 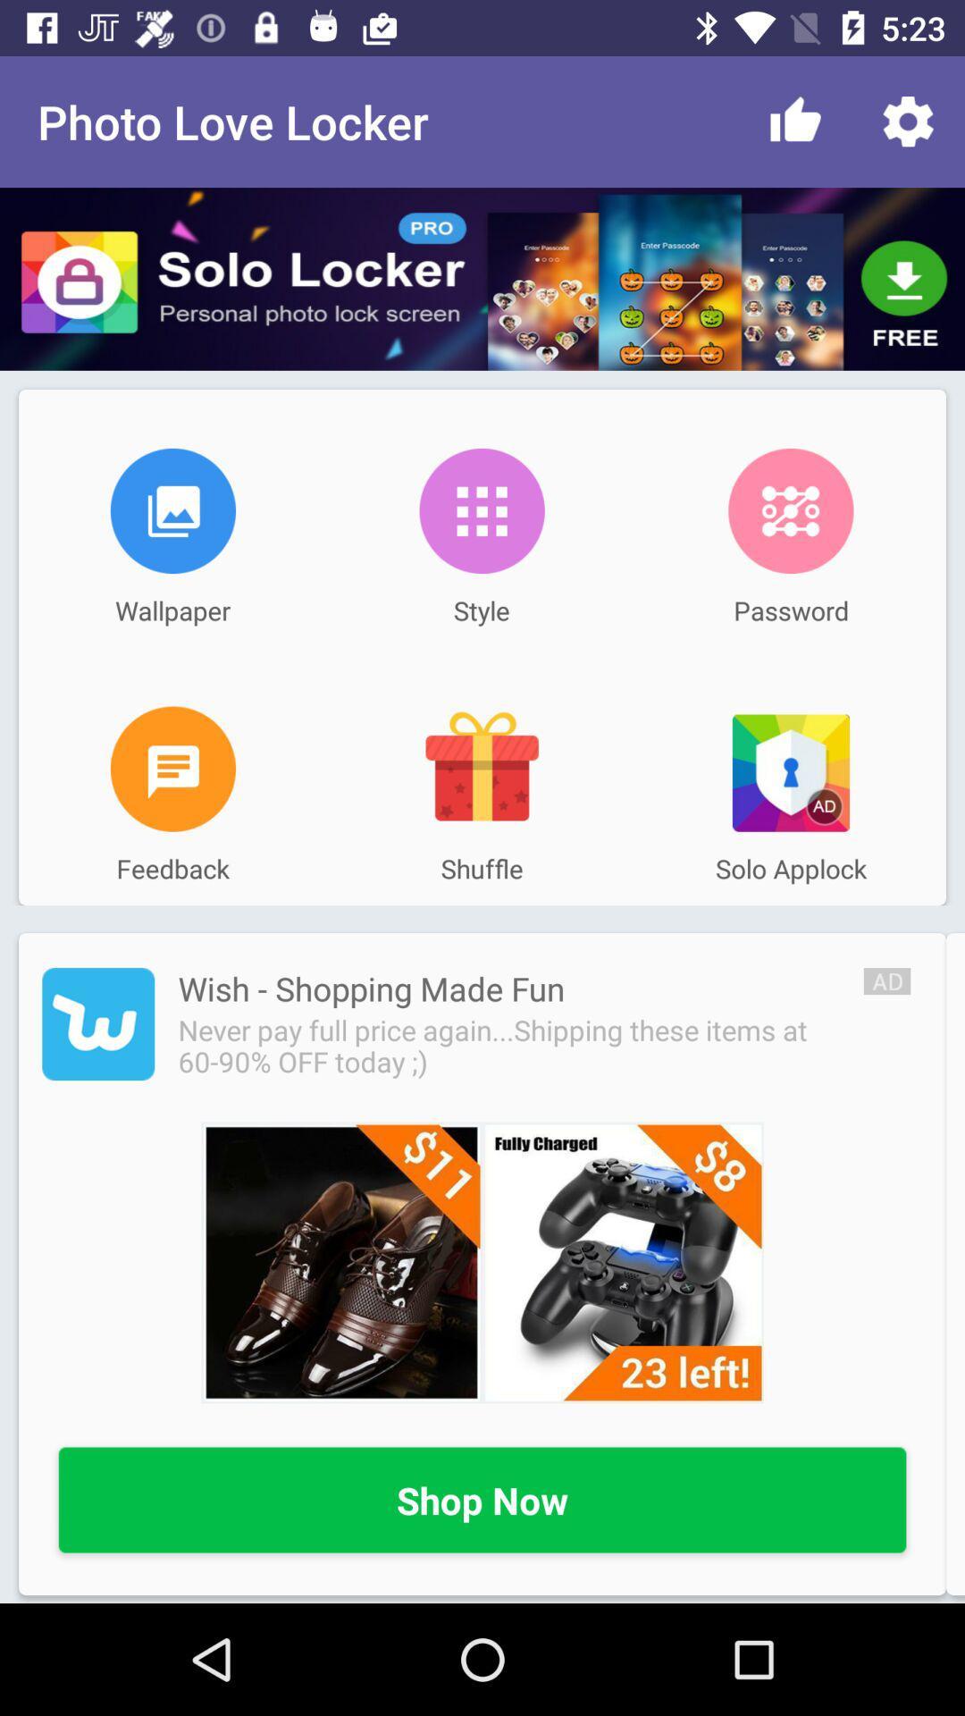 I want to click on shop now, so click(x=482, y=1501).